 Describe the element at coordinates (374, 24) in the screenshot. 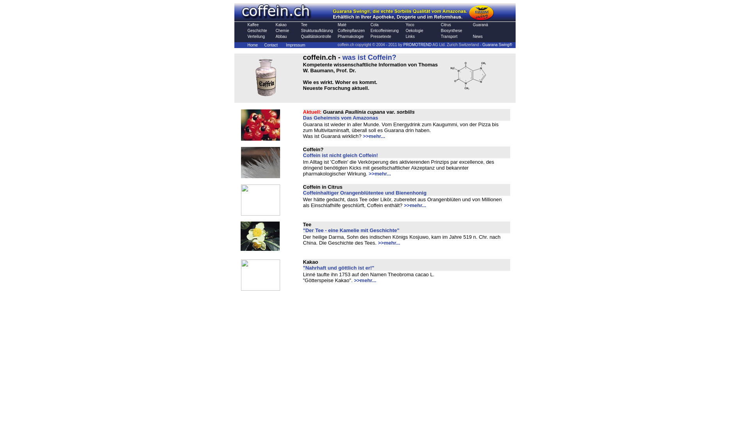

I see `'Cola'` at that location.